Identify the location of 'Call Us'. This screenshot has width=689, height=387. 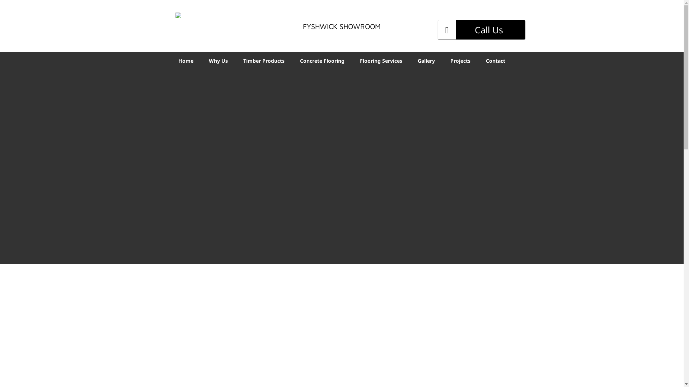
(482, 29).